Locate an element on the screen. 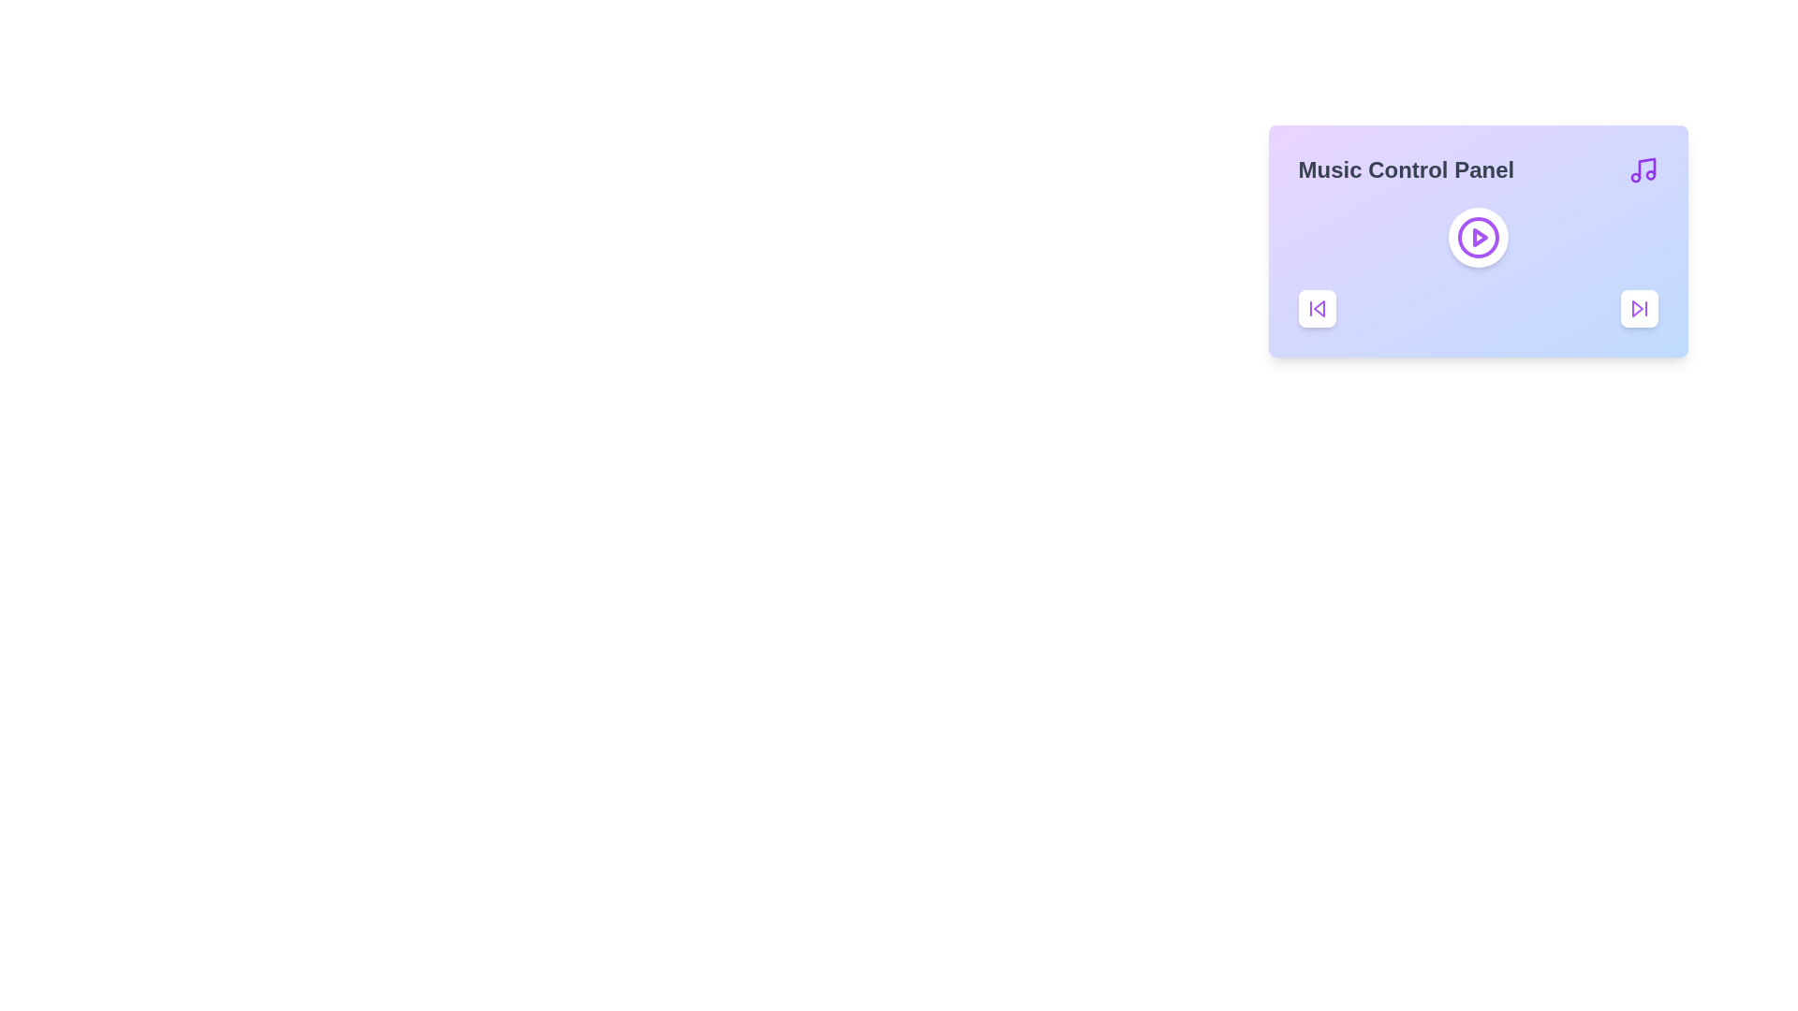 This screenshot has height=1011, width=1798. the purple musical note icon located in the top-right corner of the 'Music Control Panel', which has a double note design and rounded edges is located at coordinates (1642, 169).